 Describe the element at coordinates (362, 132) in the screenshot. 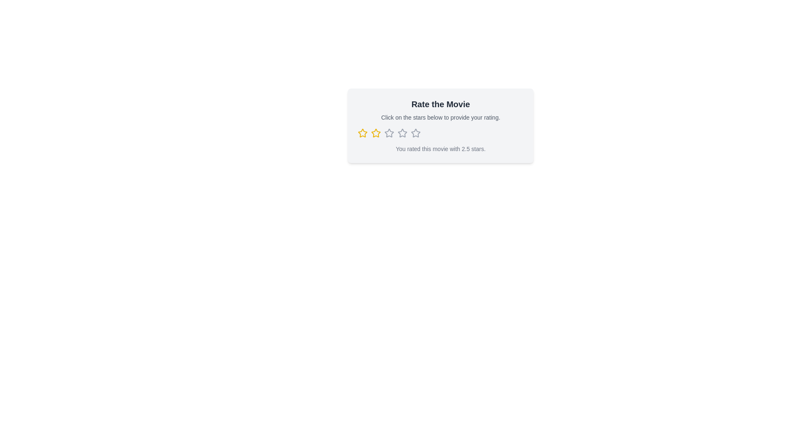

I see `the first active yellow star icon in the rating group, which is located at the top-left corner of the group labeled 'Rate the Movie'` at that location.